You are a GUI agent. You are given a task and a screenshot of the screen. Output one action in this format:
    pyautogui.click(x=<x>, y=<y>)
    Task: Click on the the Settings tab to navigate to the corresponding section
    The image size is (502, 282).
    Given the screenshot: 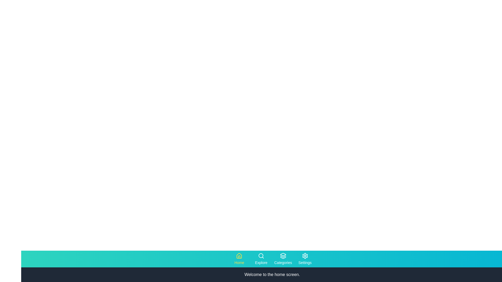 What is the action you would take?
    pyautogui.click(x=305, y=259)
    